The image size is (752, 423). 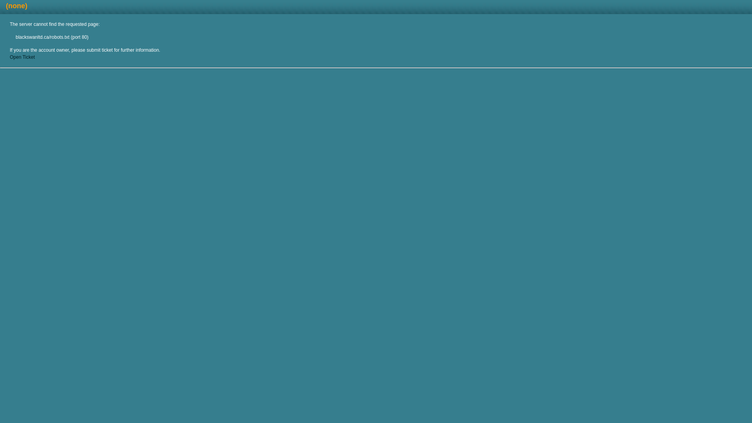 What do you see at coordinates (22, 57) in the screenshot?
I see `'Open Ticket'` at bounding box center [22, 57].